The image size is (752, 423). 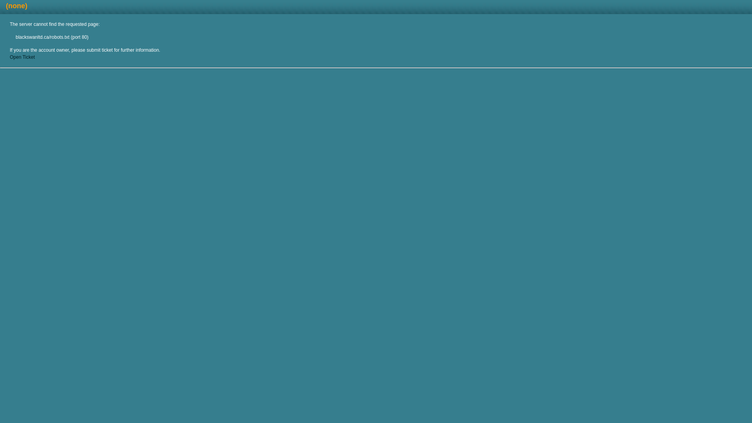 What do you see at coordinates (22, 57) in the screenshot?
I see `'Open Ticket'` at bounding box center [22, 57].